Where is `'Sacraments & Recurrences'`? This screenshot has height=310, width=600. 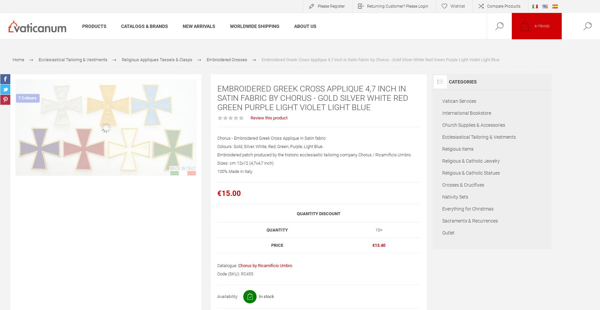
'Sacraments & Recurrences' is located at coordinates (470, 221).